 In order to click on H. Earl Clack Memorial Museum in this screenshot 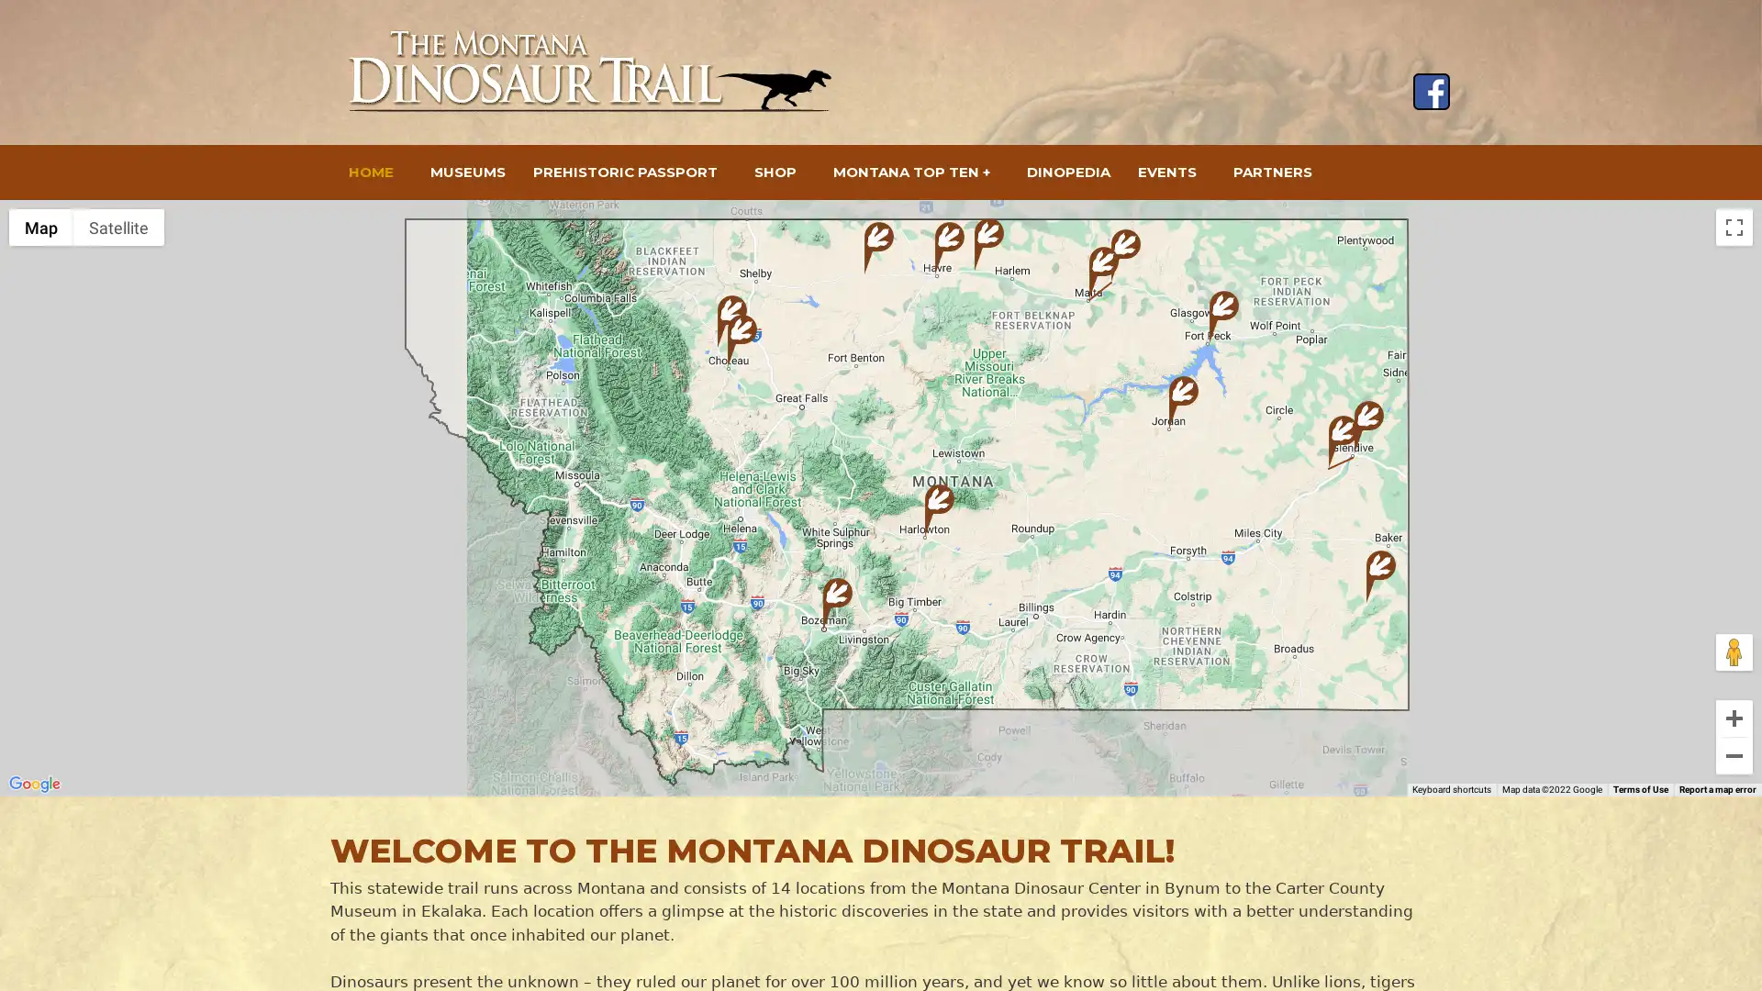, I will do `click(950, 248)`.